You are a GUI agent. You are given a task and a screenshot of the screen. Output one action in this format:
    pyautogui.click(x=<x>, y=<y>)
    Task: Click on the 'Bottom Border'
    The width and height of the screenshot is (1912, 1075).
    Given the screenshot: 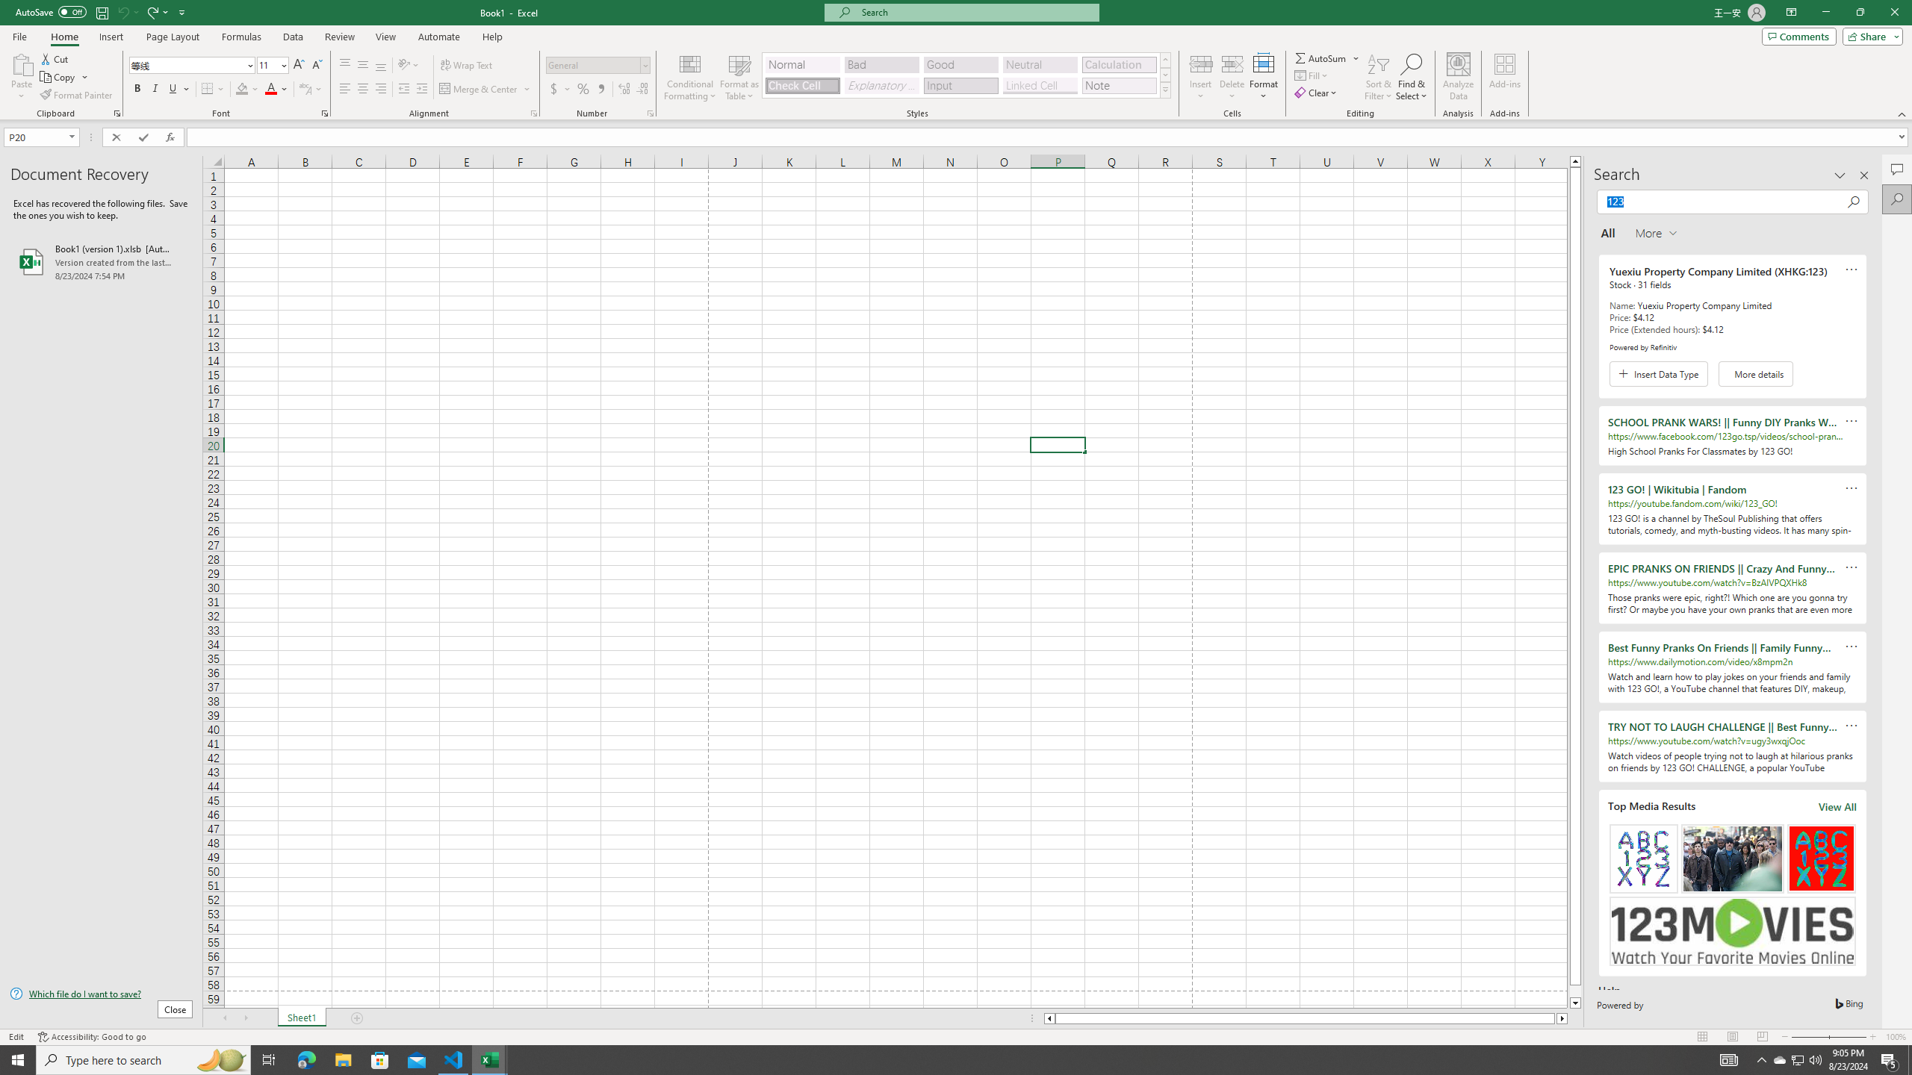 What is the action you would take?
    pyautogui.click(x=207, y=88)
    